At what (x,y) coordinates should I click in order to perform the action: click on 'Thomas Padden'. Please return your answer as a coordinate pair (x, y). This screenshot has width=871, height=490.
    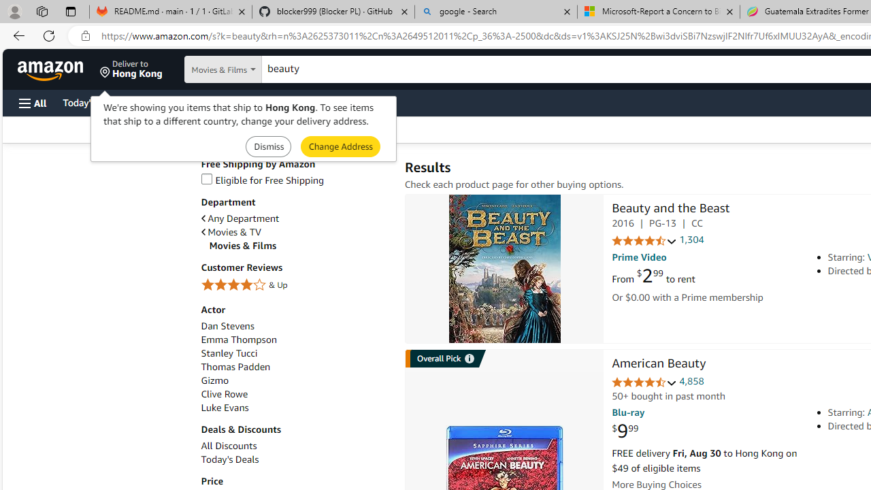
    Looking at the image, I should click on (295, 366).